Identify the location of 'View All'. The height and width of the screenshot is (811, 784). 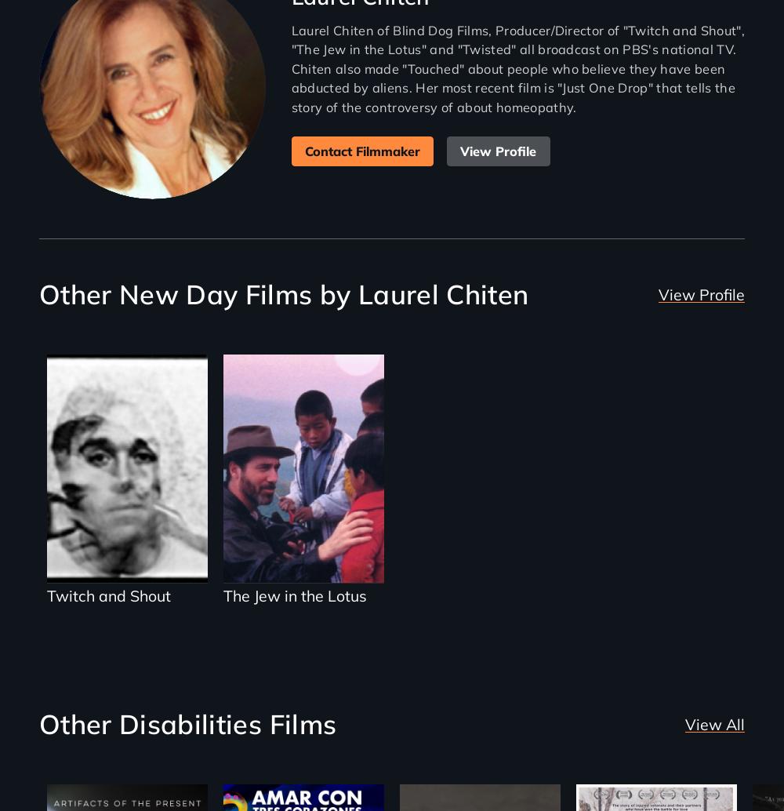
(715, 723).